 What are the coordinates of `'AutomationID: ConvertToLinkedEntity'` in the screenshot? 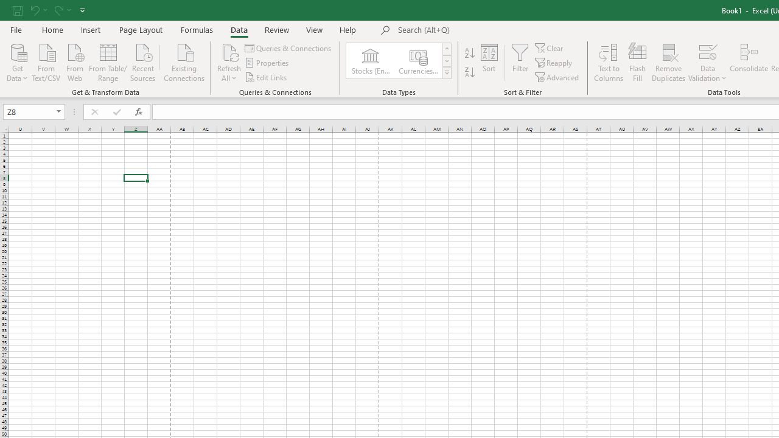 It's located at (399, 61).